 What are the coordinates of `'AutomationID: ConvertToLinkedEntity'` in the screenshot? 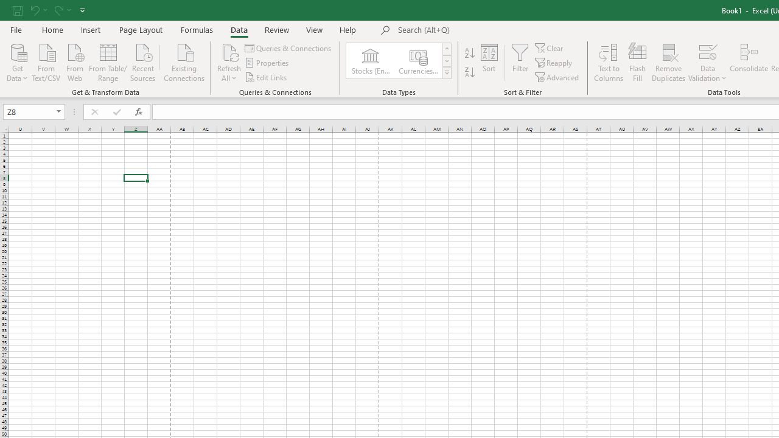 It's located at (399, 61).